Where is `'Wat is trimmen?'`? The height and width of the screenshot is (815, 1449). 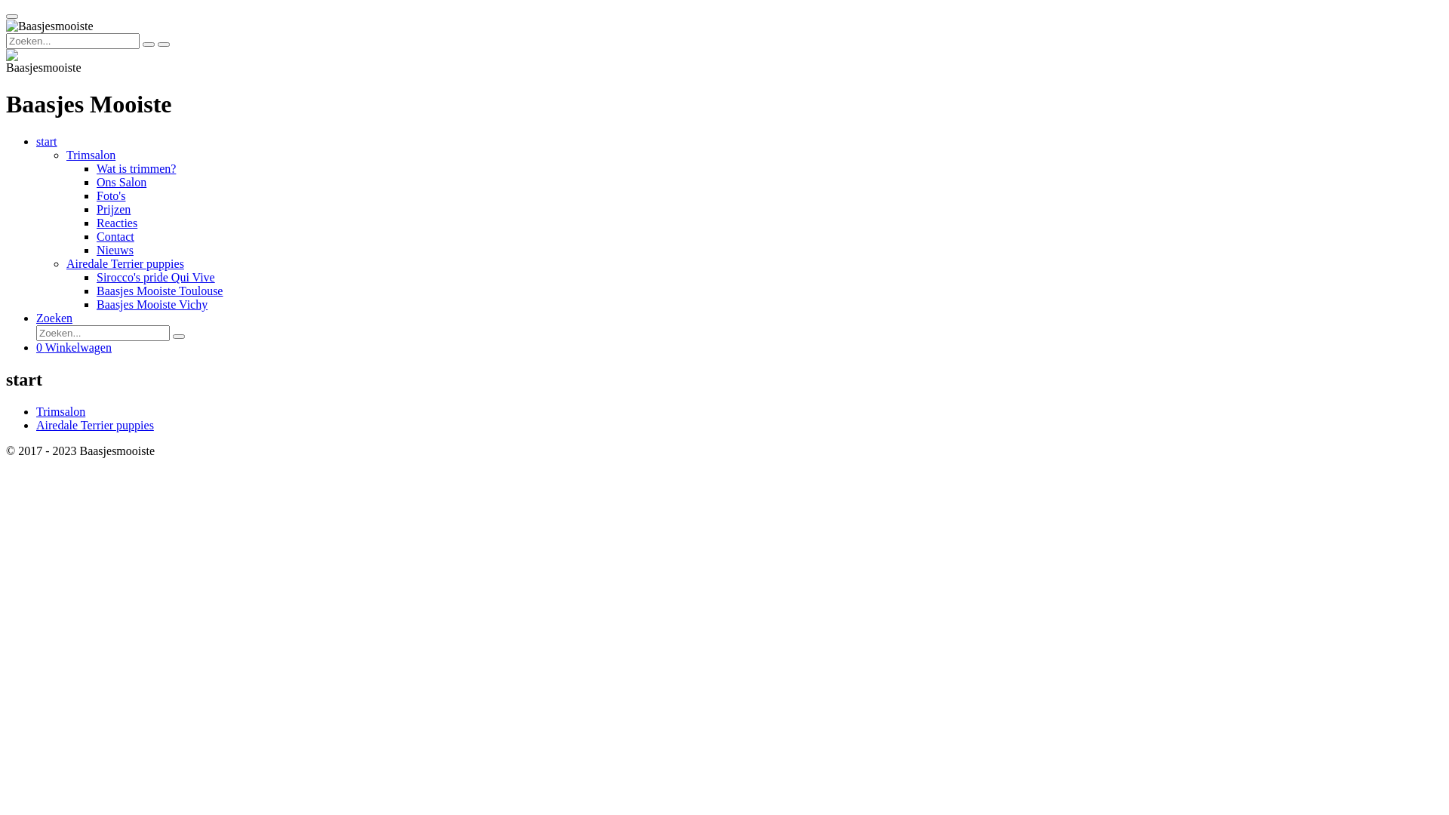
'Wat is trimmen?' is located at coordinates (96, 168).